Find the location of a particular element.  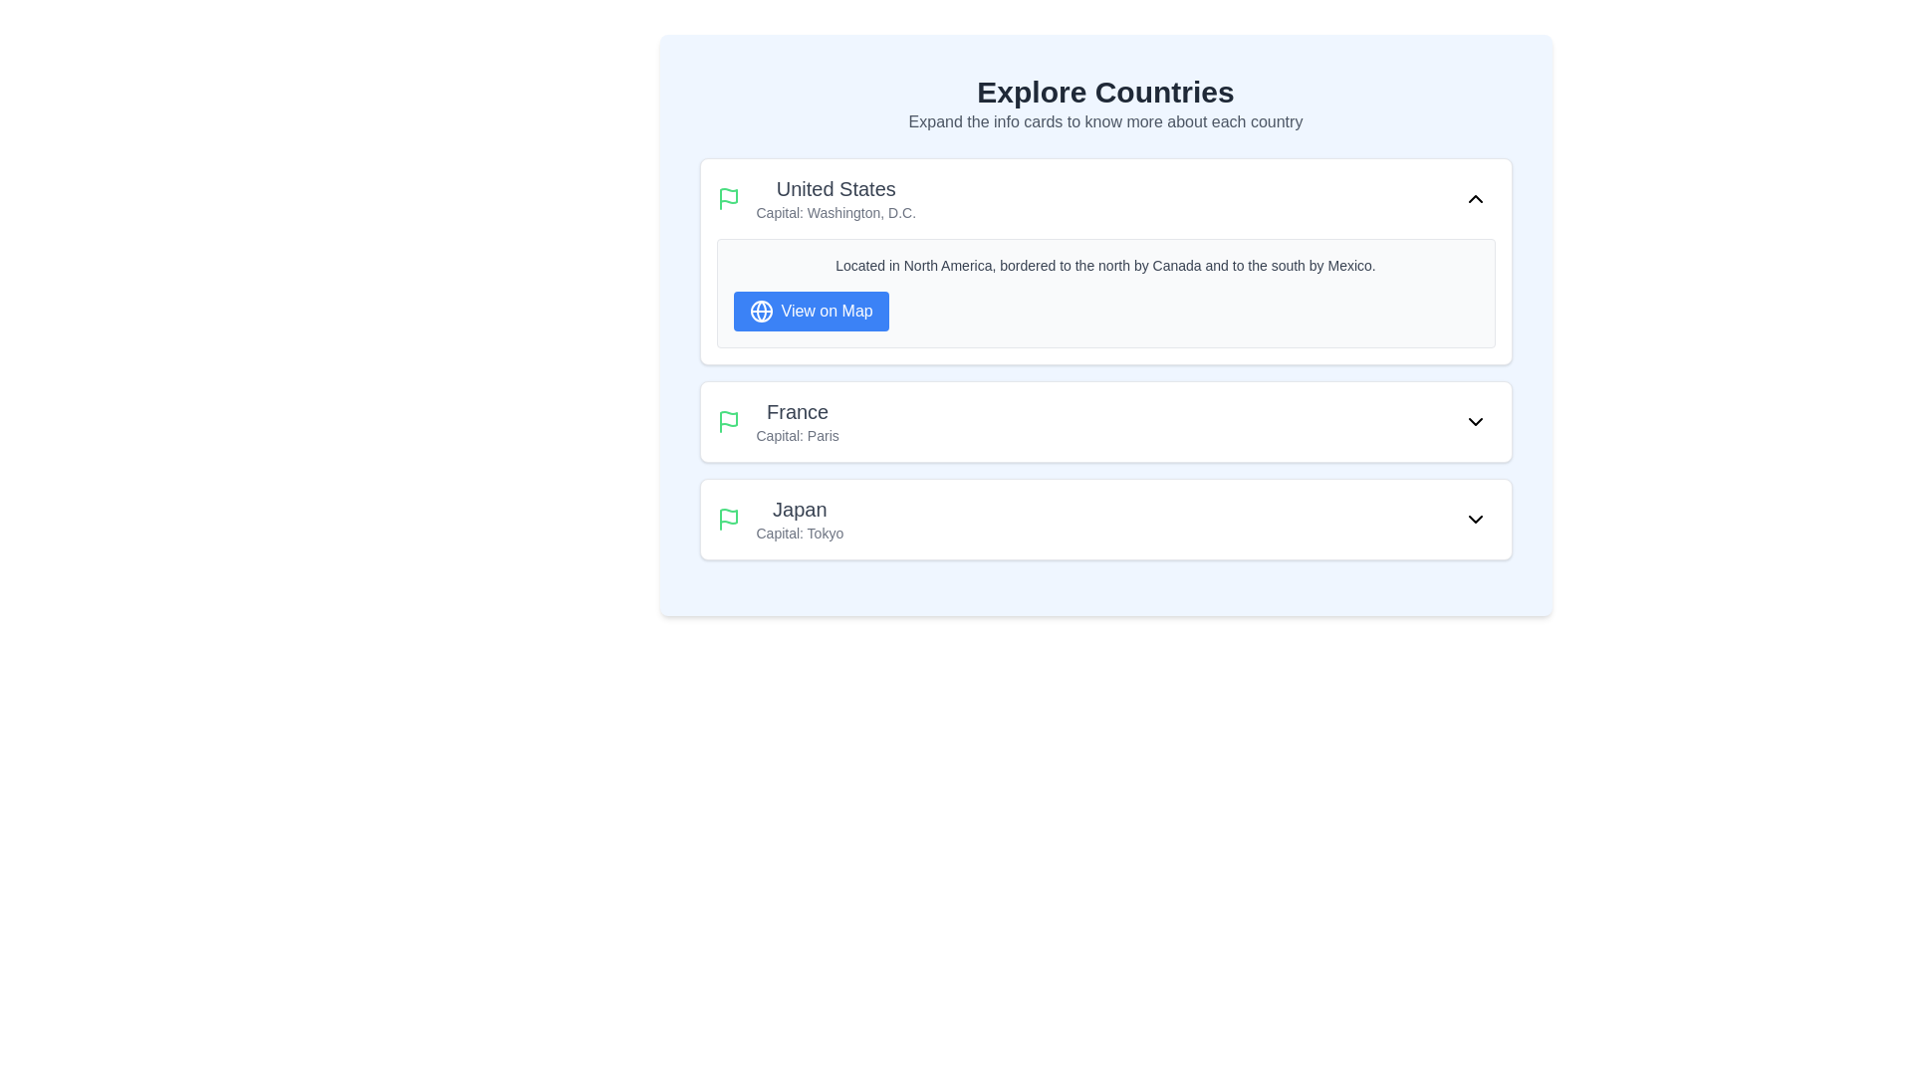

the Static text displaying 'Located in North America, bordered to the north by Canada and to the south by Mexico' which is located above the 'View on Map' button on the information card about the United States is located at coordinates (1104, 264).